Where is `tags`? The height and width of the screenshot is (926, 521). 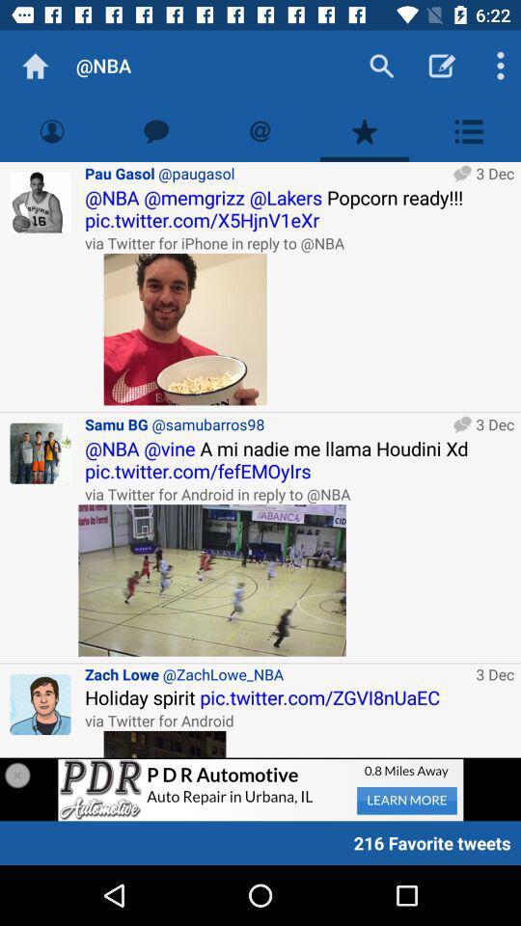
tags is located at coordinates (260, 130).